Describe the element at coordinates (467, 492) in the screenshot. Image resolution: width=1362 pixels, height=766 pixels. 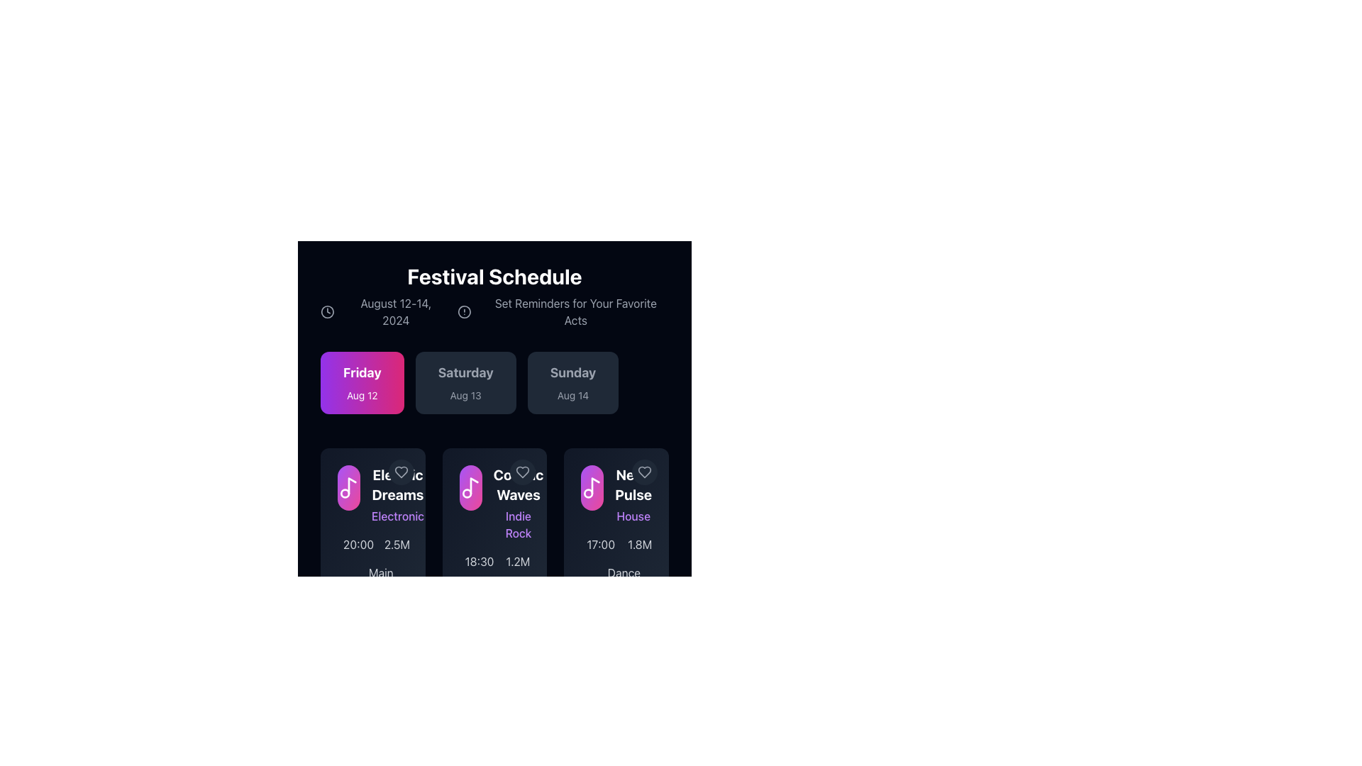
I see `the decorative circle SVG element representing part of the music icon in the second column of the event cards grid` at that location.